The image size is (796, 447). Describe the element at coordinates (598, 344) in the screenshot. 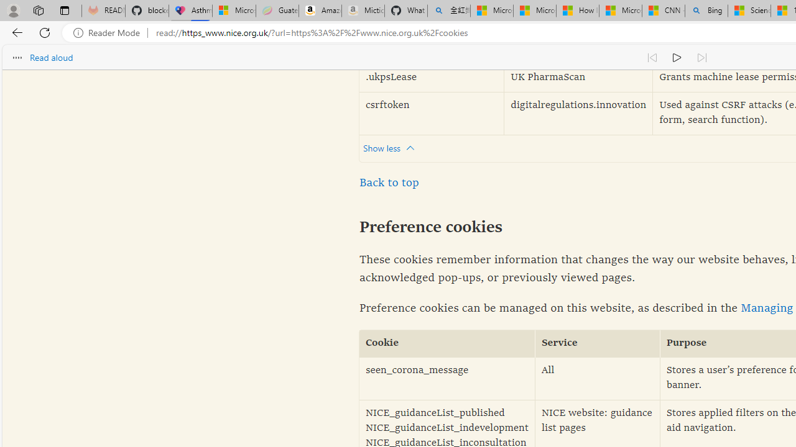

I see `'Service'` at that location.